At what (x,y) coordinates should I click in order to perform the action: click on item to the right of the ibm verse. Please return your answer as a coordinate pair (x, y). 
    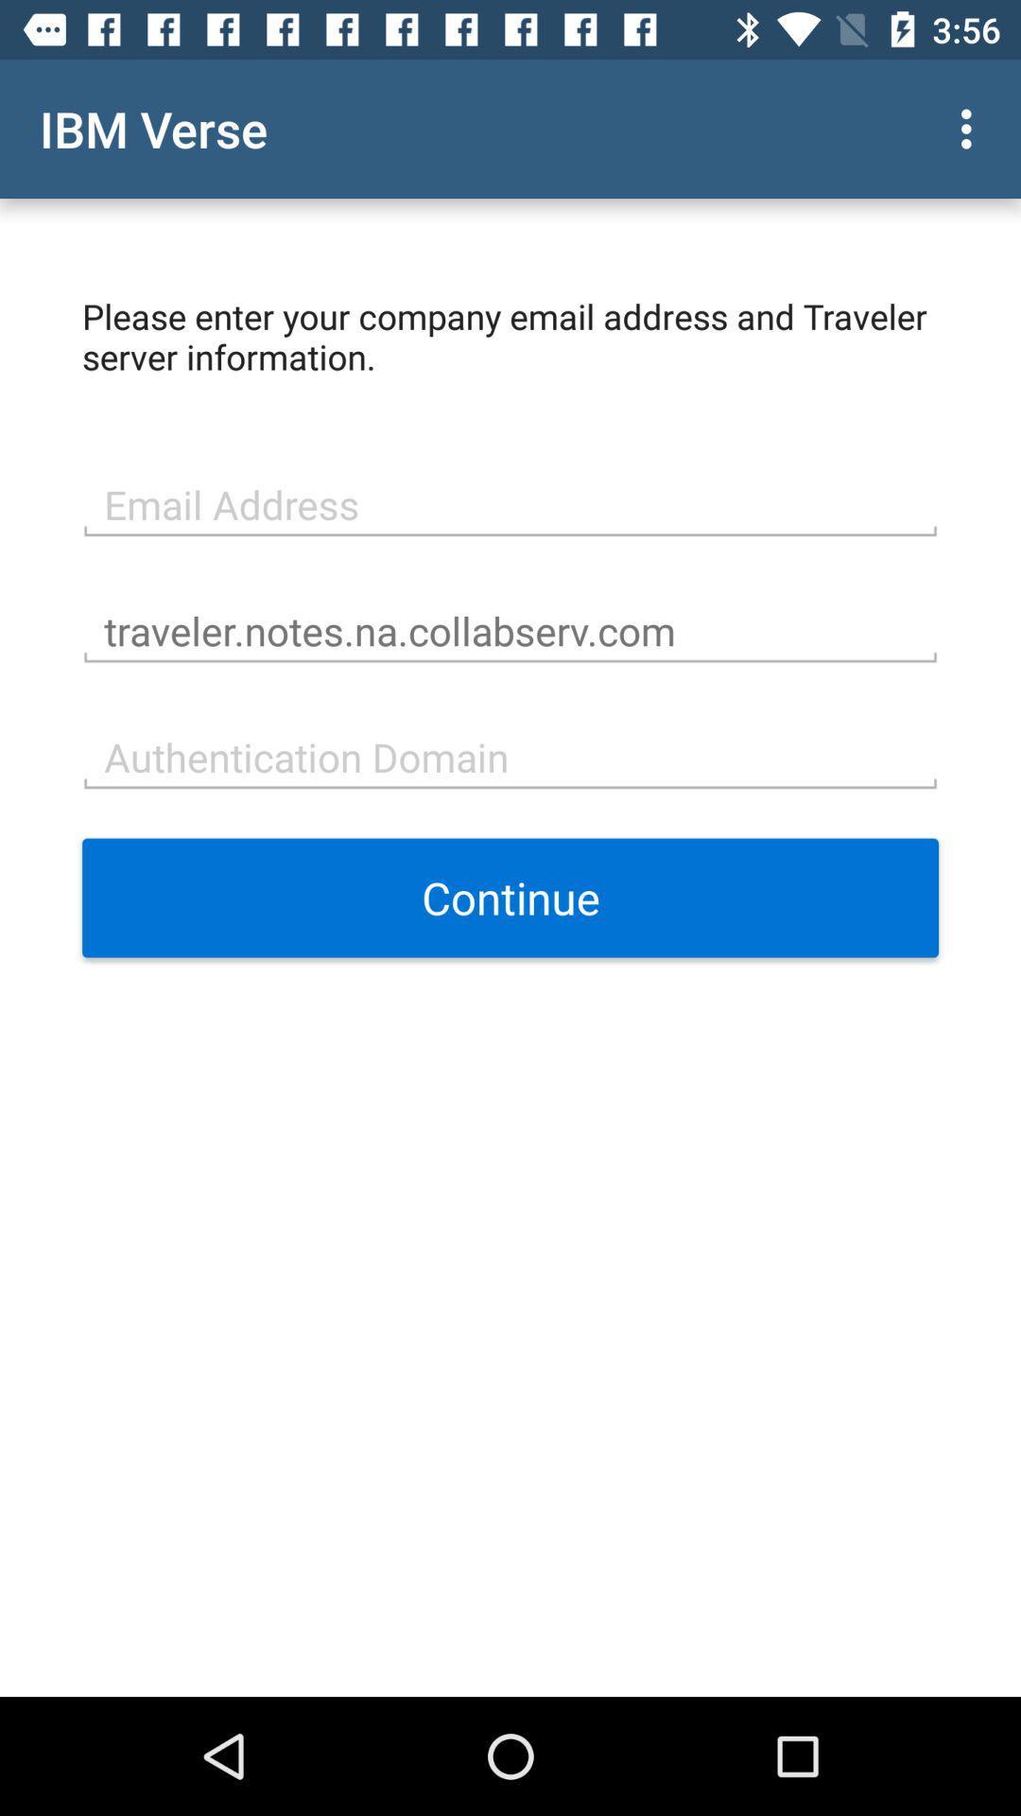
    Looking at the image, I should click on (971, 128).